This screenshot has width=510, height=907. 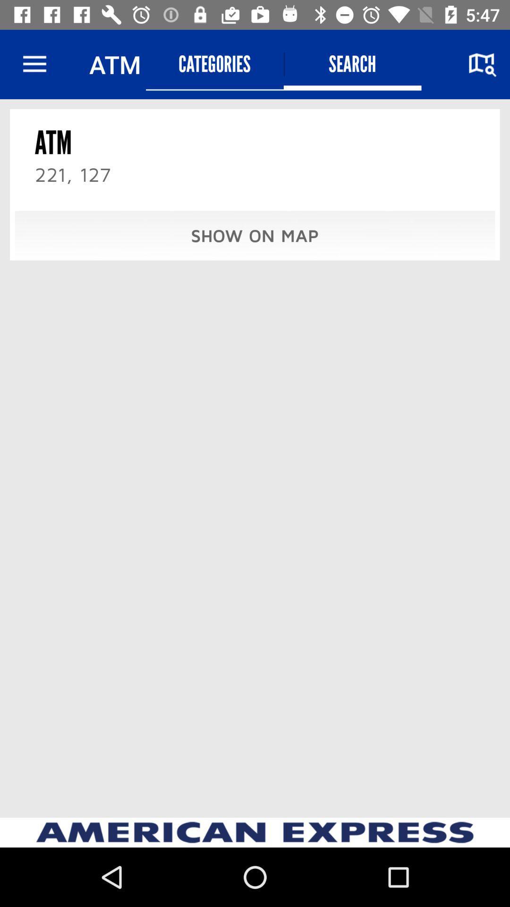 I want to click on item to the left of the search icon, so click(x=214, y=64).